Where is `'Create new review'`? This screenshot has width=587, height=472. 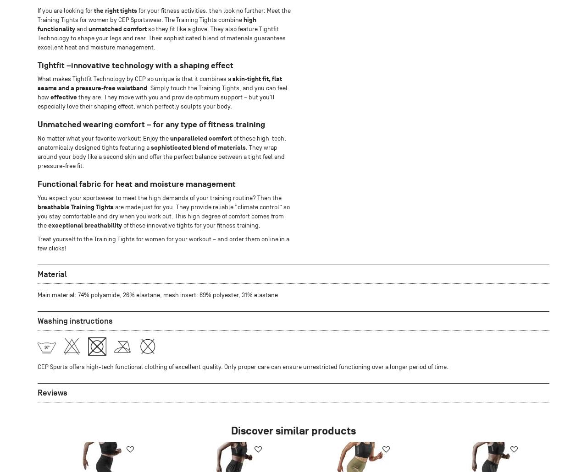 'Create new review' is located at coordinates (288, 449).